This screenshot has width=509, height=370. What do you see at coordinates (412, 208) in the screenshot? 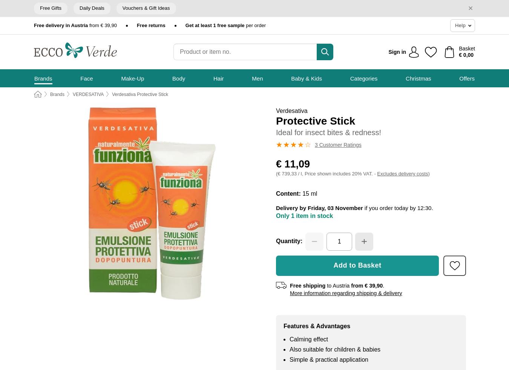
I see `'today by 12:30'` at bounding box center [412, 208].